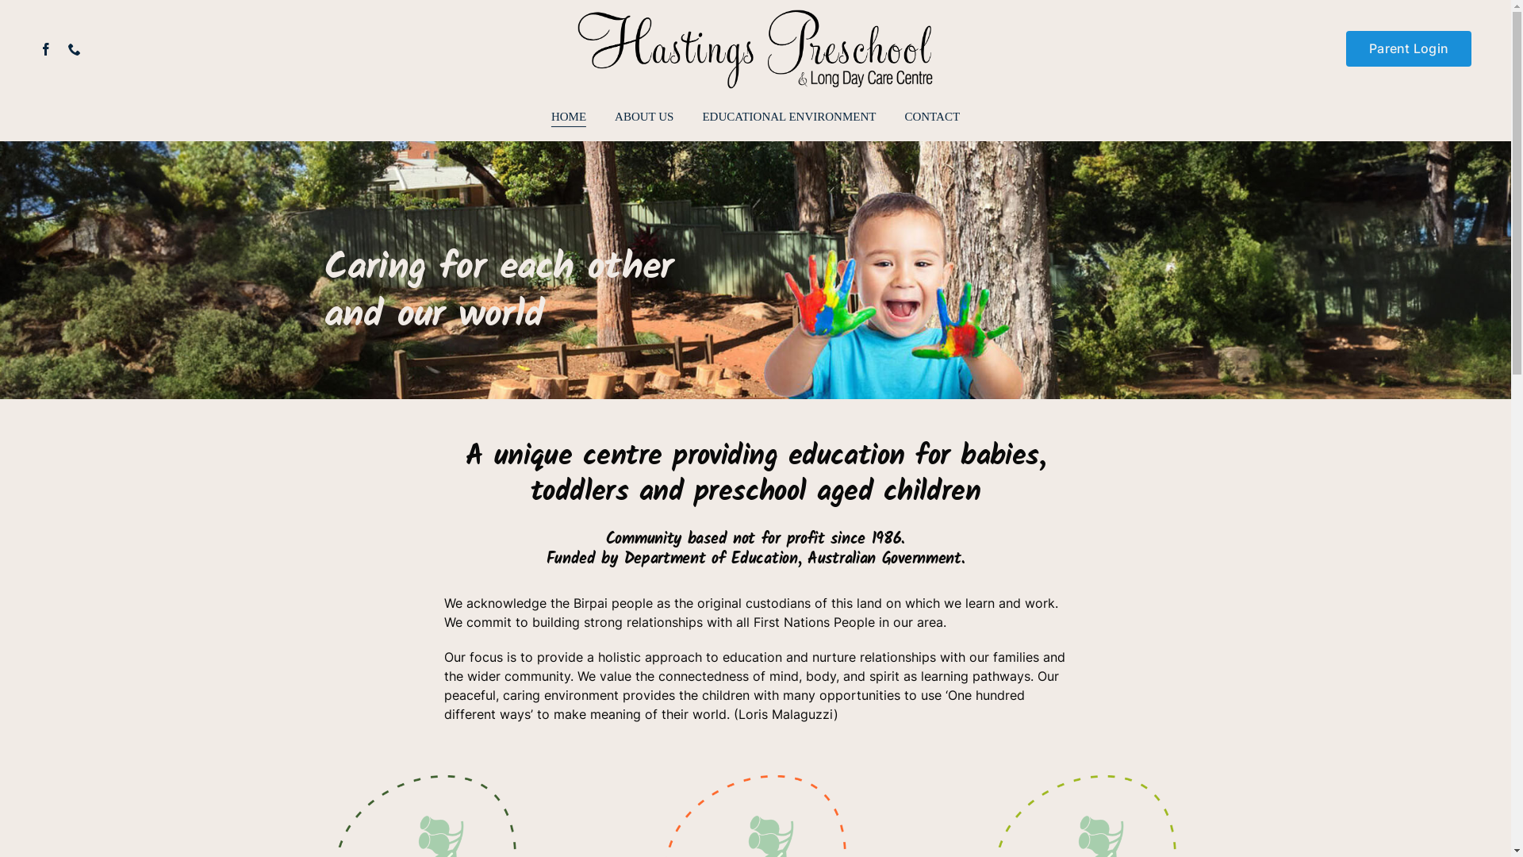 The width and height of the screenshot is (1523, 857). Describe the element at coordinates (568, 116) in the screenshot. I see `'HOME'` at that location.